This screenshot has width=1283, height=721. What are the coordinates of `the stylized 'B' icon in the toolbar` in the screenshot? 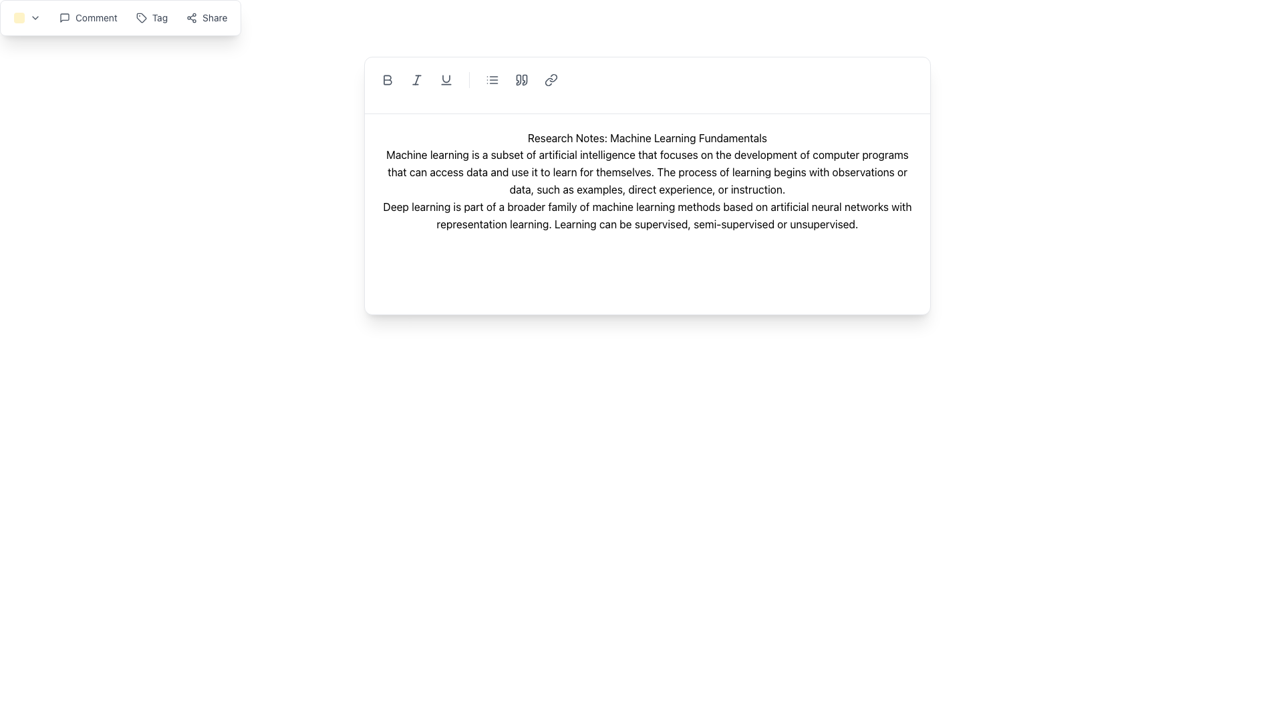 It's located at (387, 79).